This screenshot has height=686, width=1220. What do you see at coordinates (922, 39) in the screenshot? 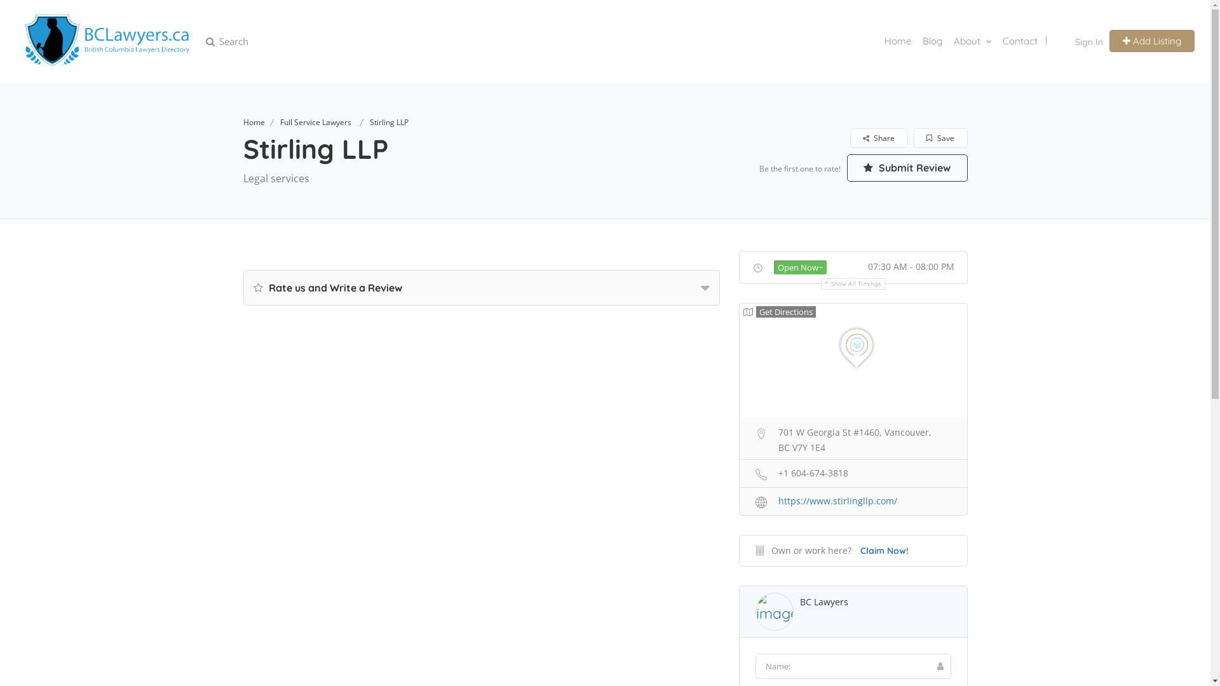
I see `'Blog'` at bounding box center [922, 39].